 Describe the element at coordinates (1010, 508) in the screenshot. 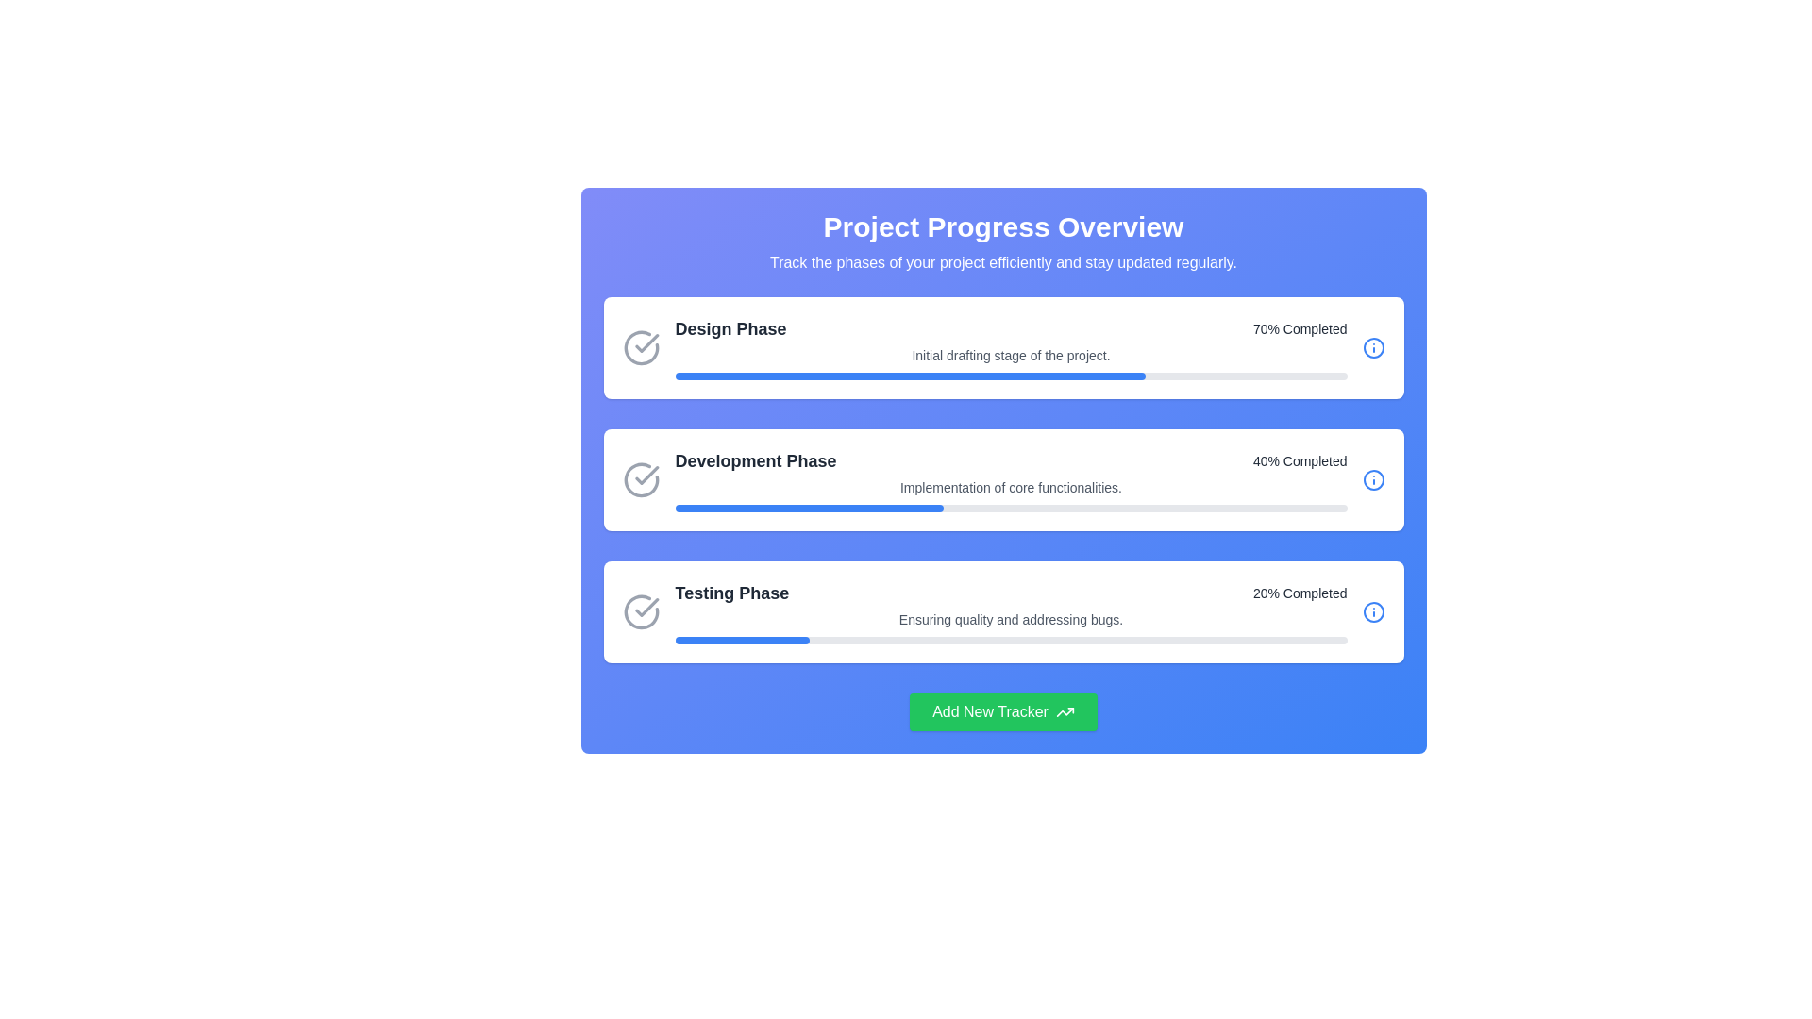

I see `the Progress Bar located below the text 'Implementation of core functionalities' in the 'Development Phase' card, which indicates that 40% of the development has been completed` at that location.